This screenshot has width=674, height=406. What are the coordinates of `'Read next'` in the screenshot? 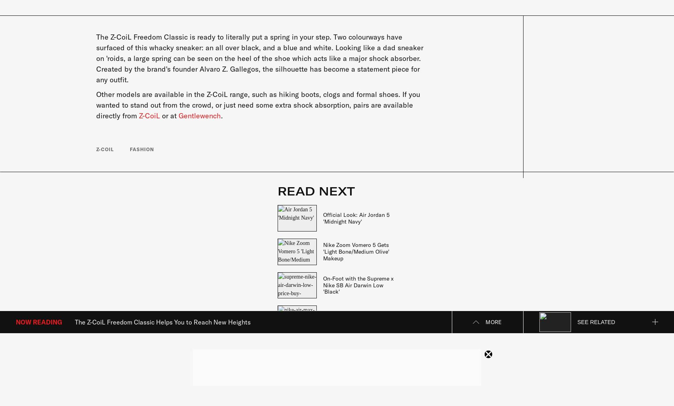 It's located at (316, 191).